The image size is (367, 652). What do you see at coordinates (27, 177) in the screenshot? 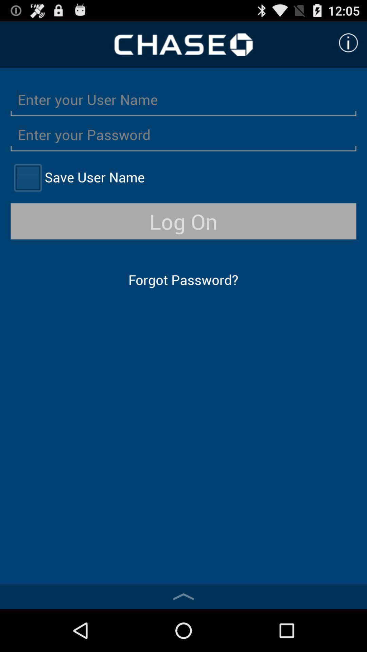
I see `option` at bounding box center [27, 177].